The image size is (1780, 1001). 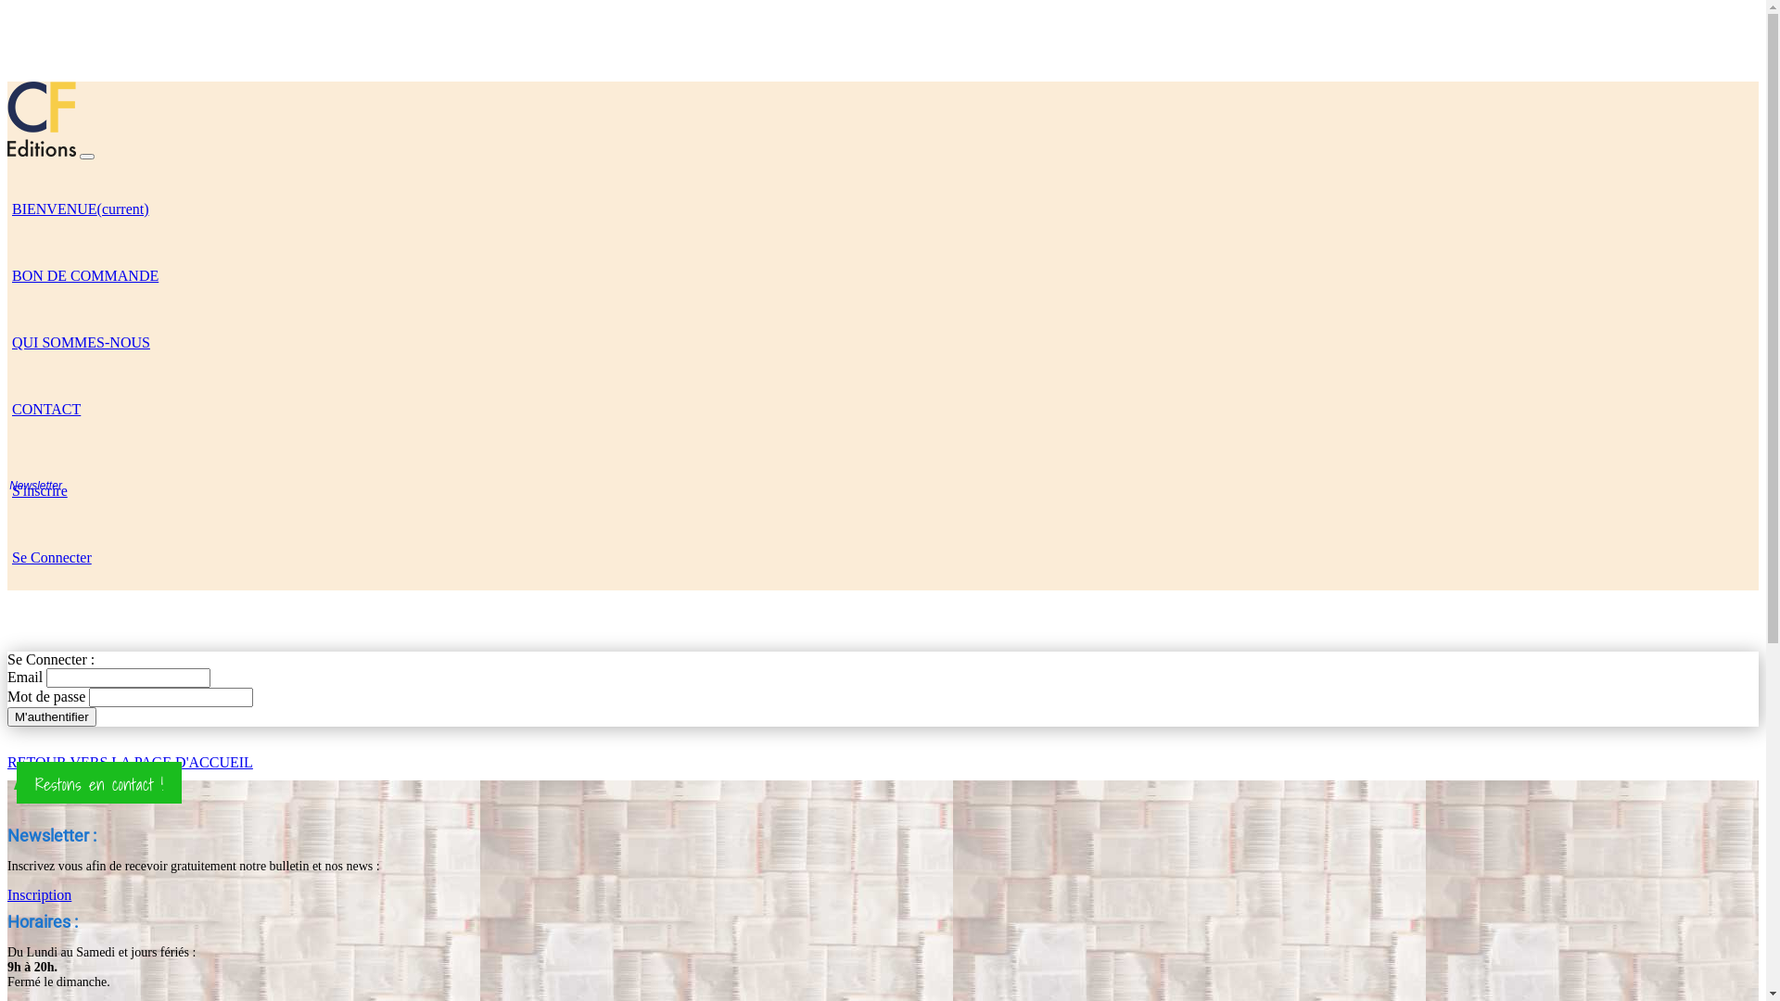 I want to click on 'Se Connecter', so click(x=52, y=555).